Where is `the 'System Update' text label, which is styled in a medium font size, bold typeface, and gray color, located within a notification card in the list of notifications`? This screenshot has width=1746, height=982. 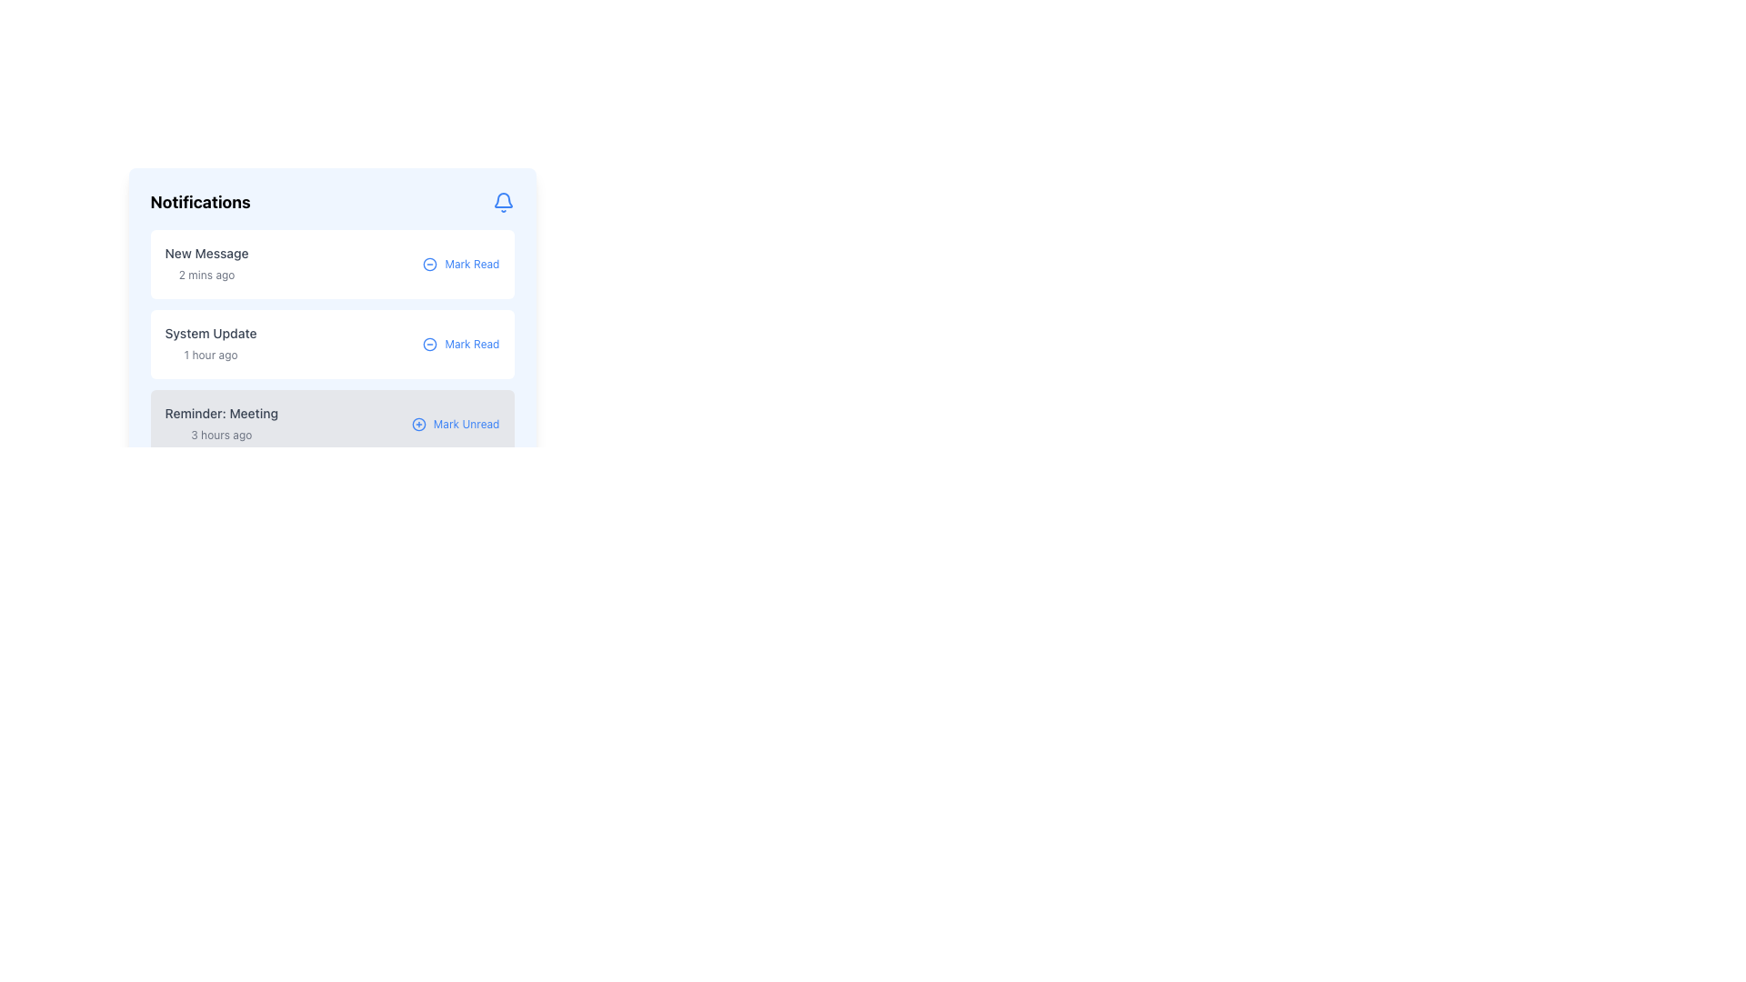
the 'System Update' text label, which is styled in a medium font size, bold typeface, and gray color, located within a notification card in the list of notifications is located at coordinates (211, 333).